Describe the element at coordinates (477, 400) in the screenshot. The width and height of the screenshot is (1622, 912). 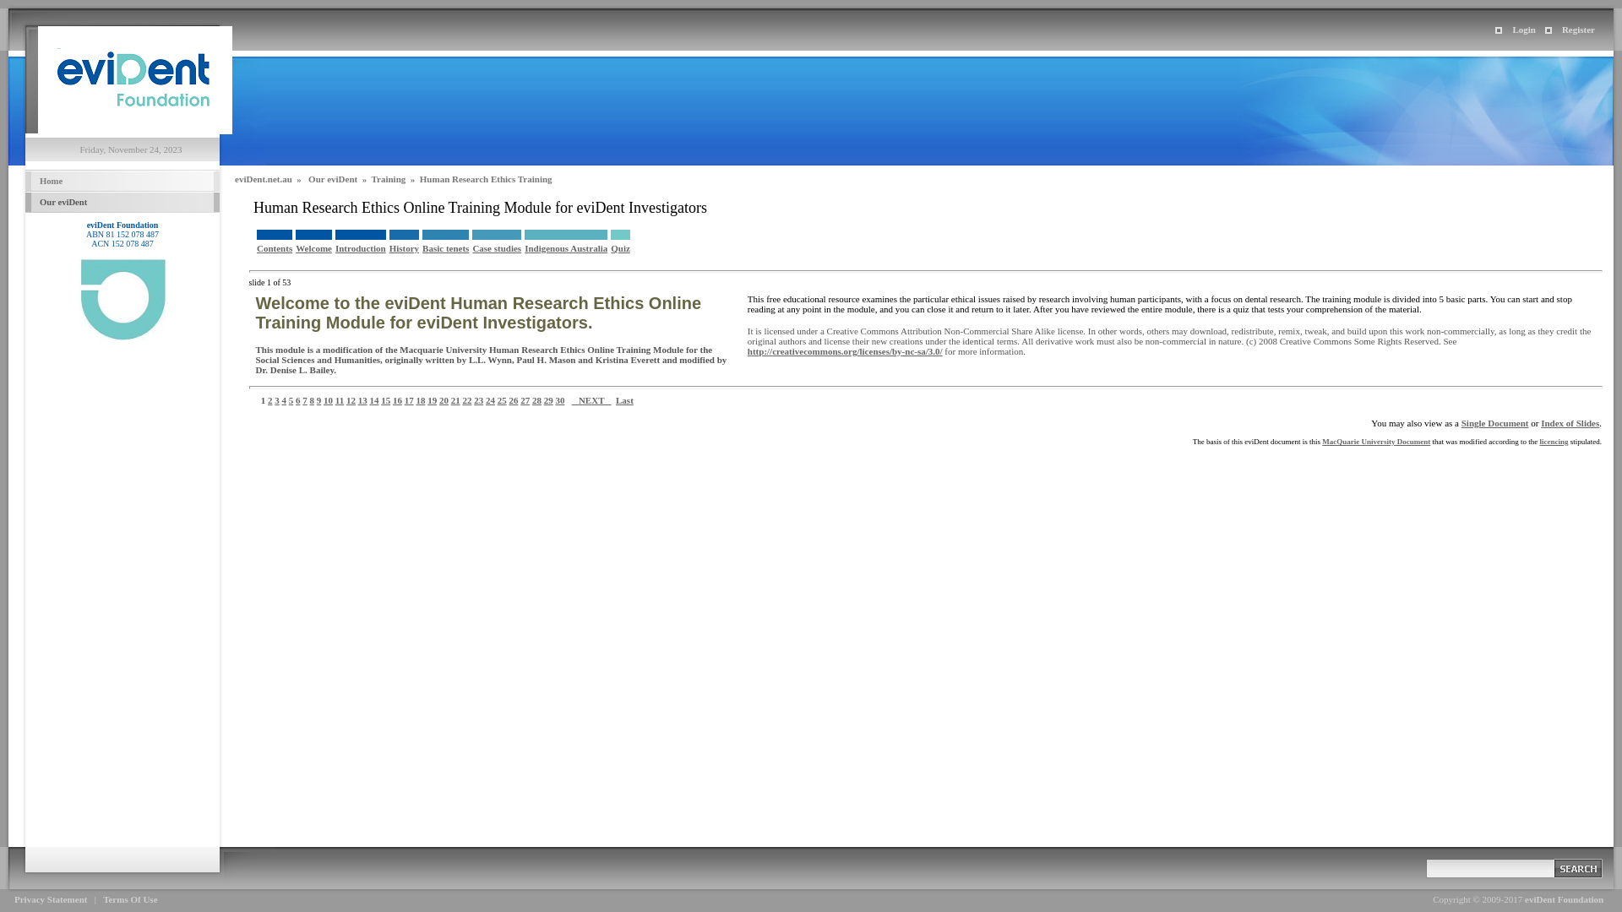
I see `'23'` at that location.